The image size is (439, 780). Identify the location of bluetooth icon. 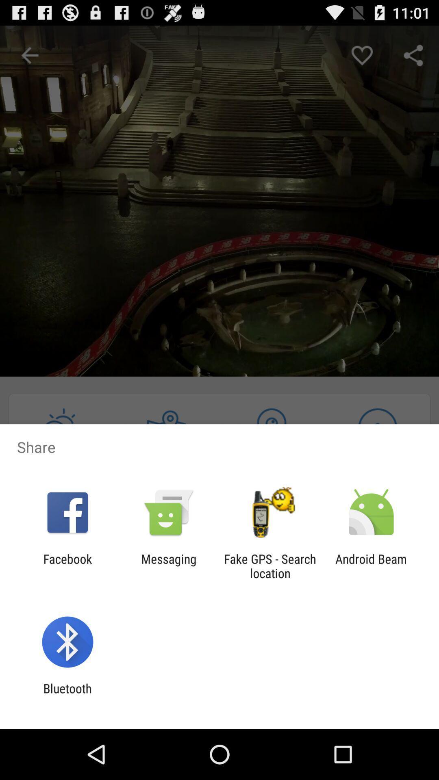
(67, 695).